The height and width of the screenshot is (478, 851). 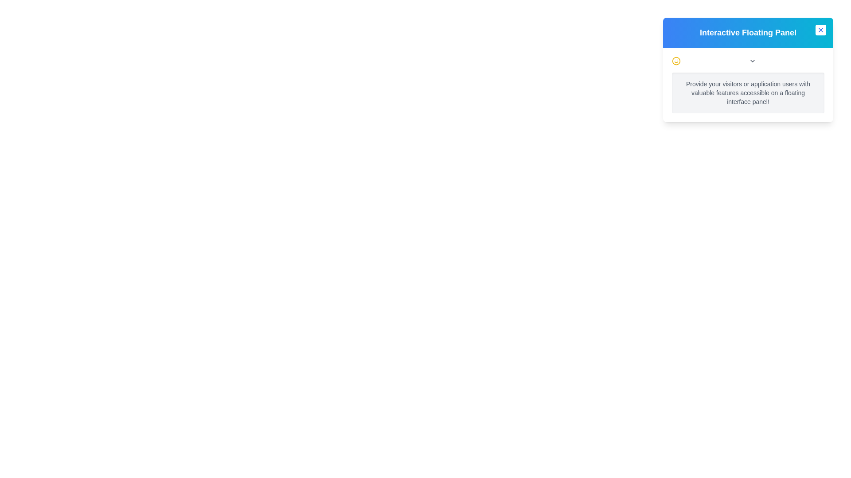 I want to click on the close button located at the top-right corner of the 'Interactive Floating Panel', so click(x=820, y=30).